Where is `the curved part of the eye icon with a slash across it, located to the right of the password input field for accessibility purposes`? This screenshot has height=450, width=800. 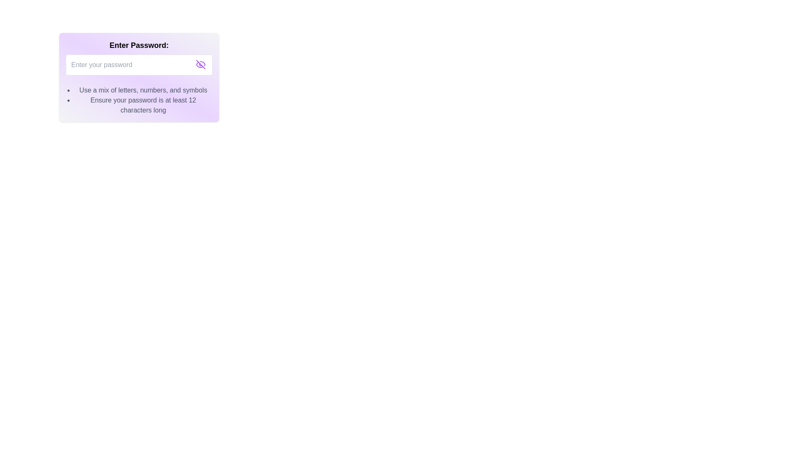
the curved part of the eye icon with a slash across it, located to the right of the password input field for accessibility purposes is located at coordinates (202, 63).